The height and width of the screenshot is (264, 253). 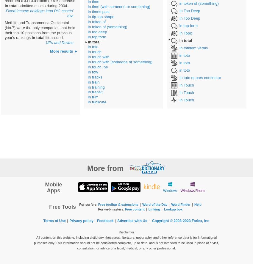 I want to click on 'Farlex, Inc', so click(x=200, y=220).